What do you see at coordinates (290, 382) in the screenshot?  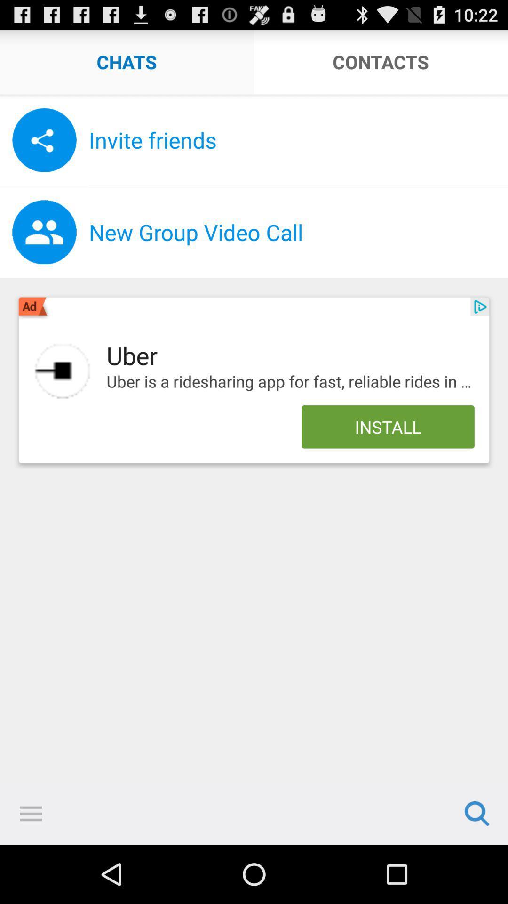 I see `uber is a icon` at bounding box center [290, 382].